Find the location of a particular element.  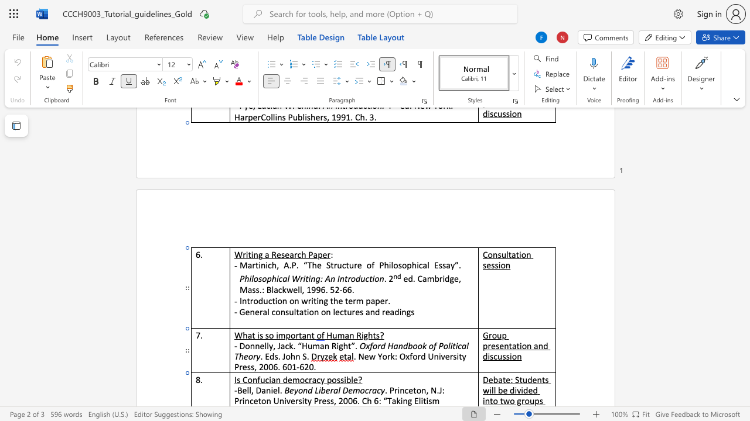

the 1th character "E" in the text is located at coordinates (416, 400).